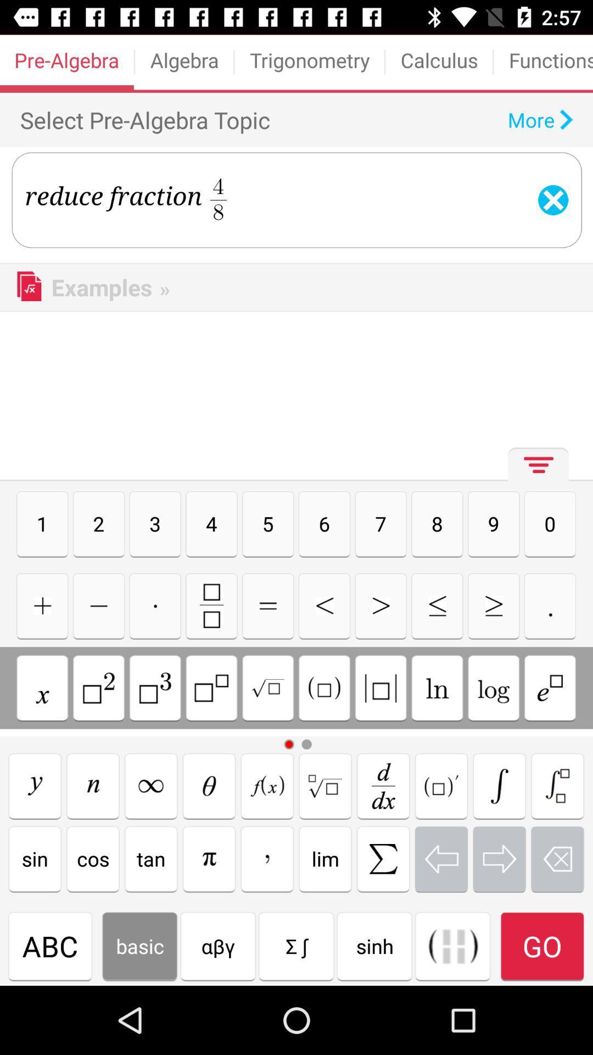 This screenshot has width=593, height=1055. What do you see at coordinates (380, 687) in the screenshot?
I see `symbol` at bounding box center [380, 687].